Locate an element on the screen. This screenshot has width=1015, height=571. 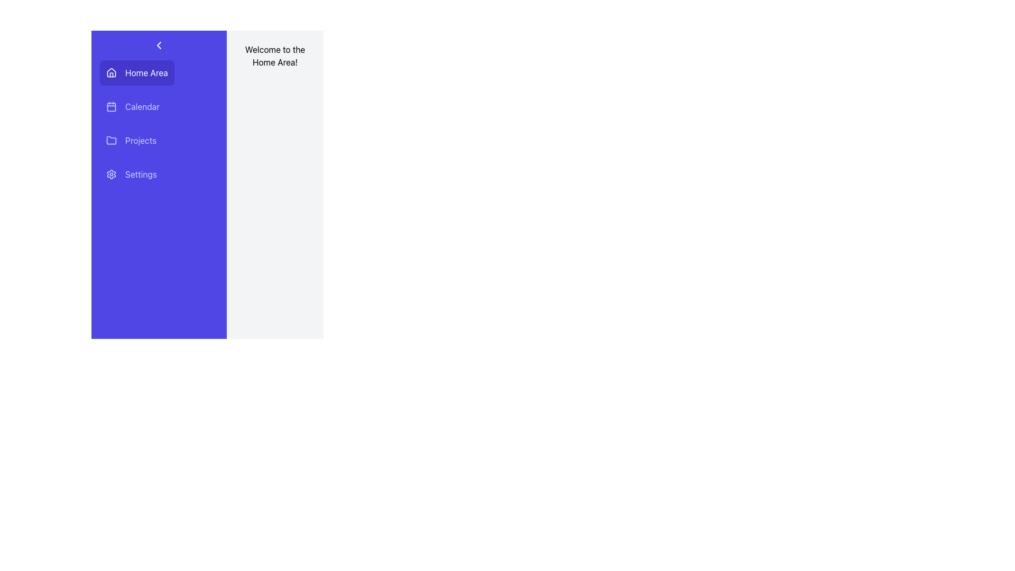
the 'Settings' icon located in the sidebar, which is represented by an SVG vector graphic and is part of the 'Settings' menu option is located at coordinates (112, 174).